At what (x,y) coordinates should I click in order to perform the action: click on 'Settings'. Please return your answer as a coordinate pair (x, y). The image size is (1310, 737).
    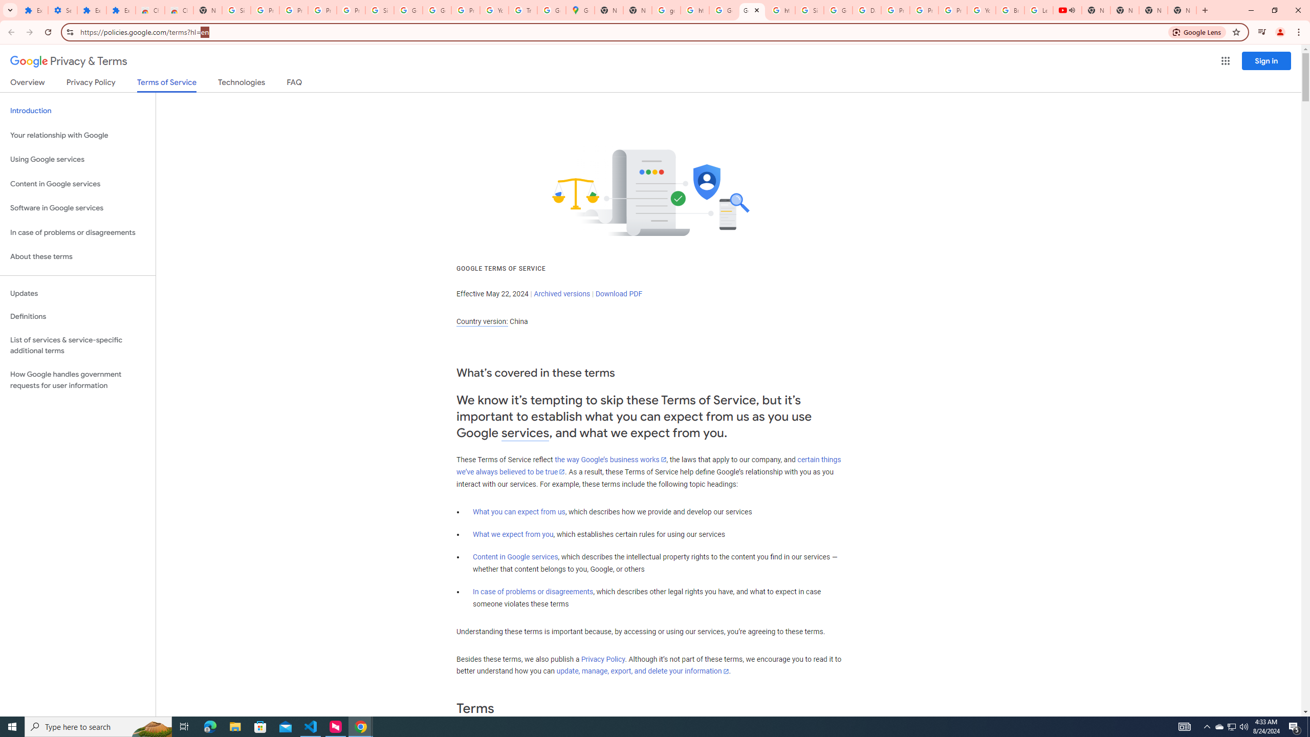
    Looking at the image, I should click on (62, 10).